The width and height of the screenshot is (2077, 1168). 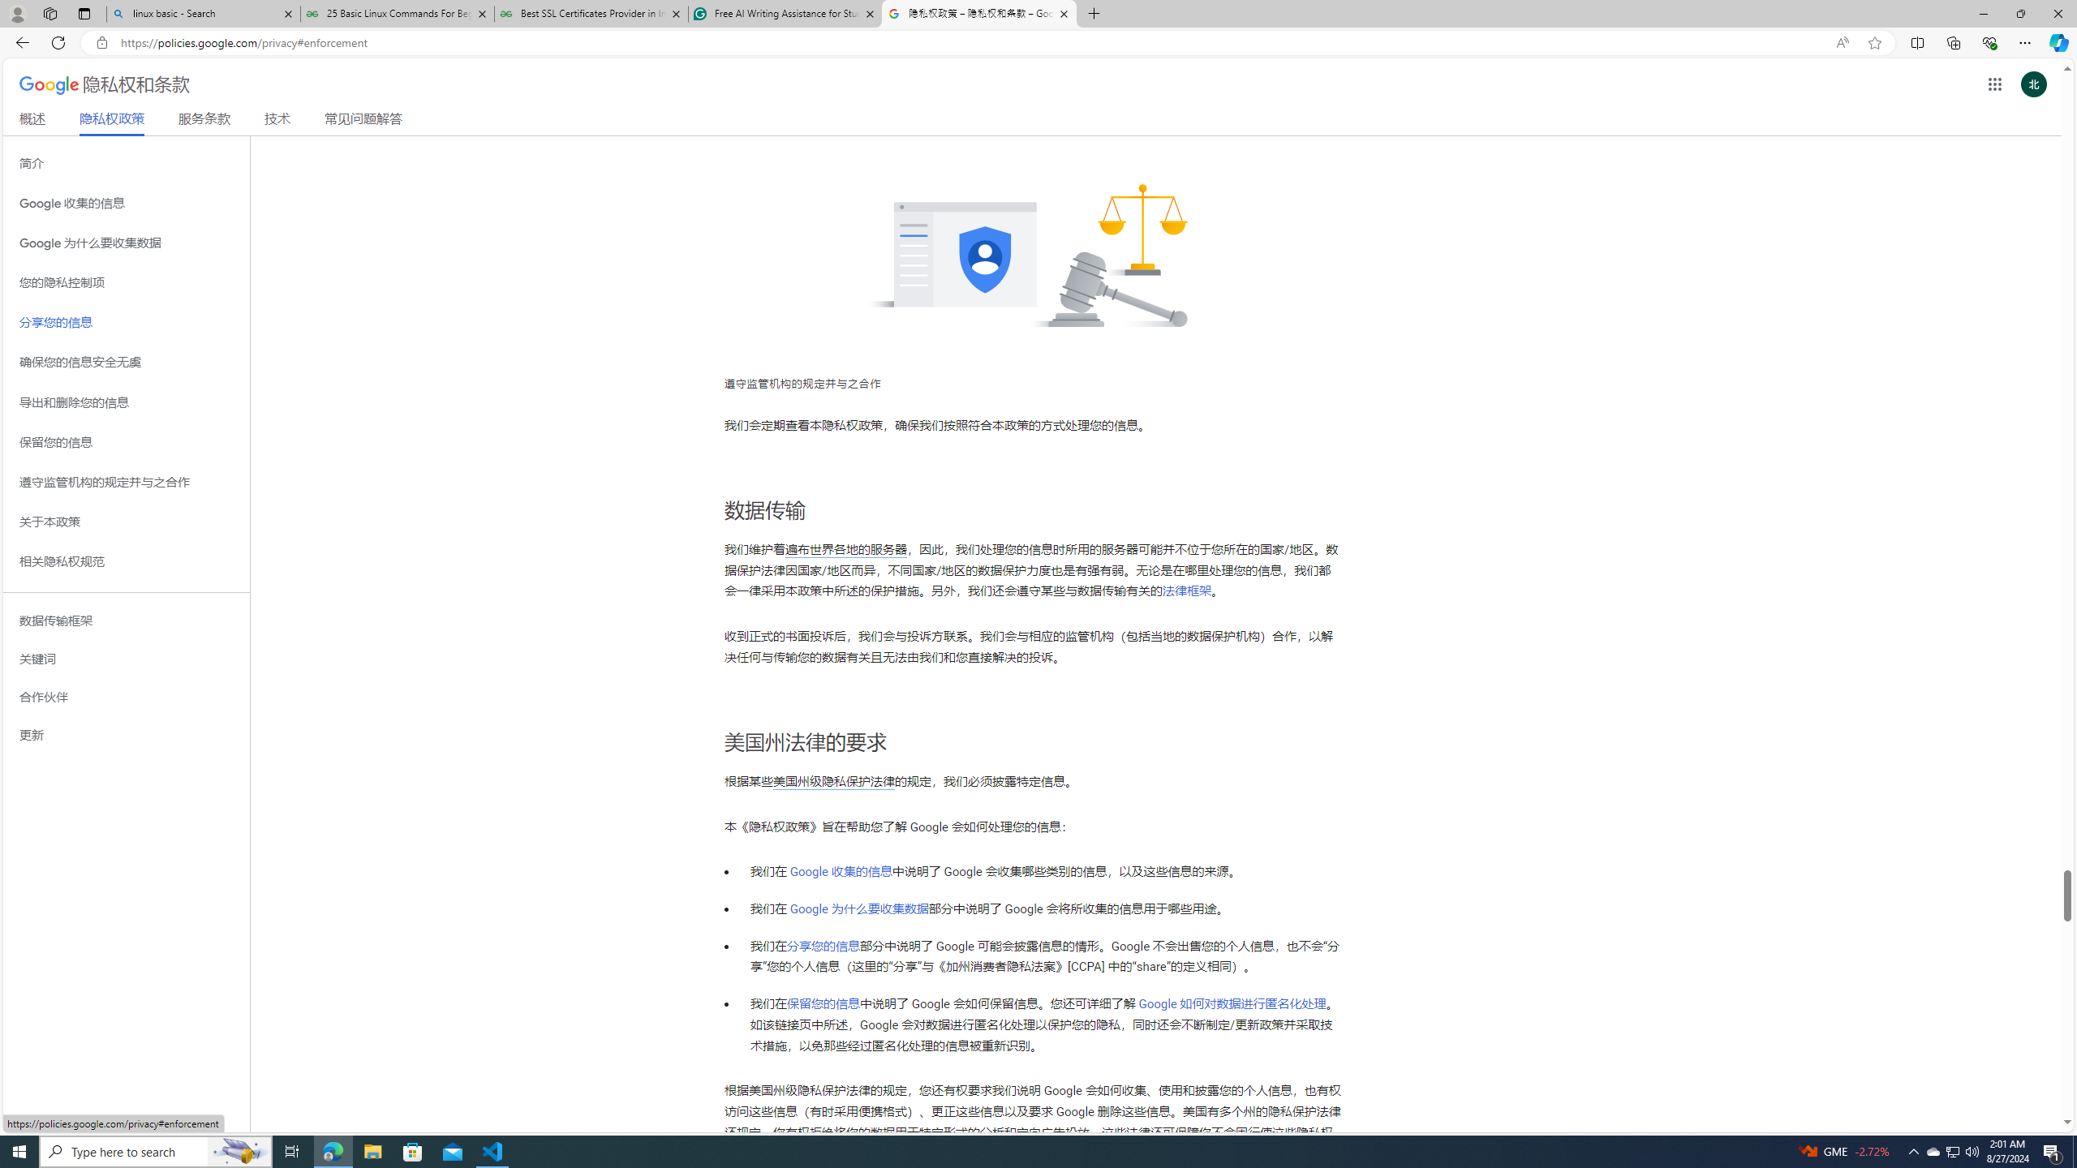 What do you see at coordinates (202, 13) in the screenshot?
I see `'linux basic - Search'` at bounding box center [202, 13].